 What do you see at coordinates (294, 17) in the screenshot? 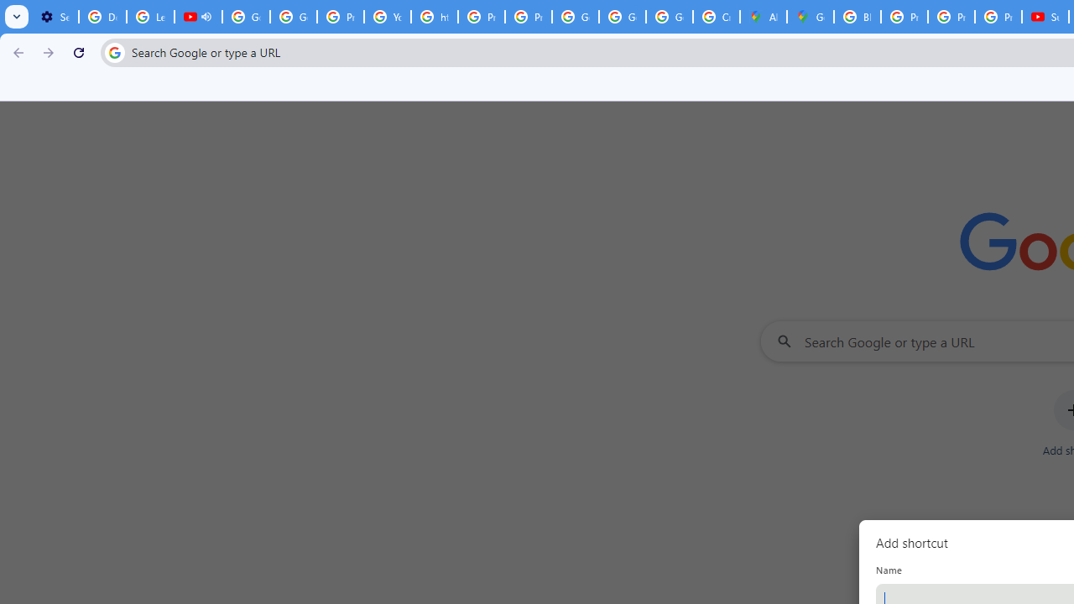
I see `'Google Account Help'` at bounding box center [294, 17].